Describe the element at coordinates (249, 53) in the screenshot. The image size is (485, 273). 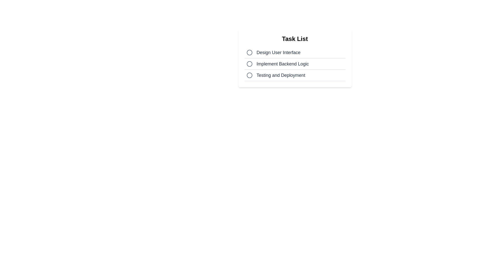
I see `the transparent gray outlined circle in the first row of icons under the 'Task List' heading` at that location.